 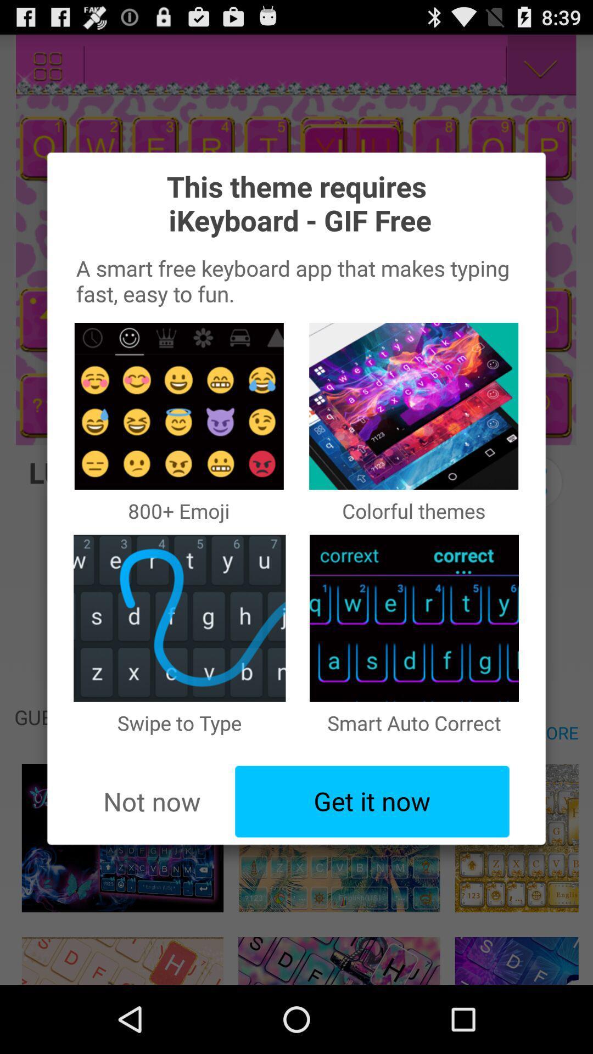 What do you see at coordinates (372, 801) in the screenshot?
I see `the item to the right of the not now` at bounding box center [372, 801].